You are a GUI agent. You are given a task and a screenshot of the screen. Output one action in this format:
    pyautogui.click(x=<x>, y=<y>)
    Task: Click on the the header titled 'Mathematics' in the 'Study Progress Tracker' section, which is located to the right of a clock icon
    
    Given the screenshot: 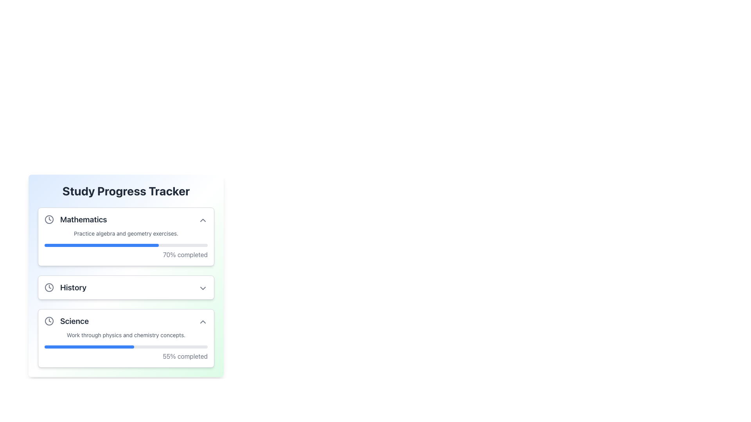 What is the action you would take?
    pyautogui.click(x=83, y=220)
    